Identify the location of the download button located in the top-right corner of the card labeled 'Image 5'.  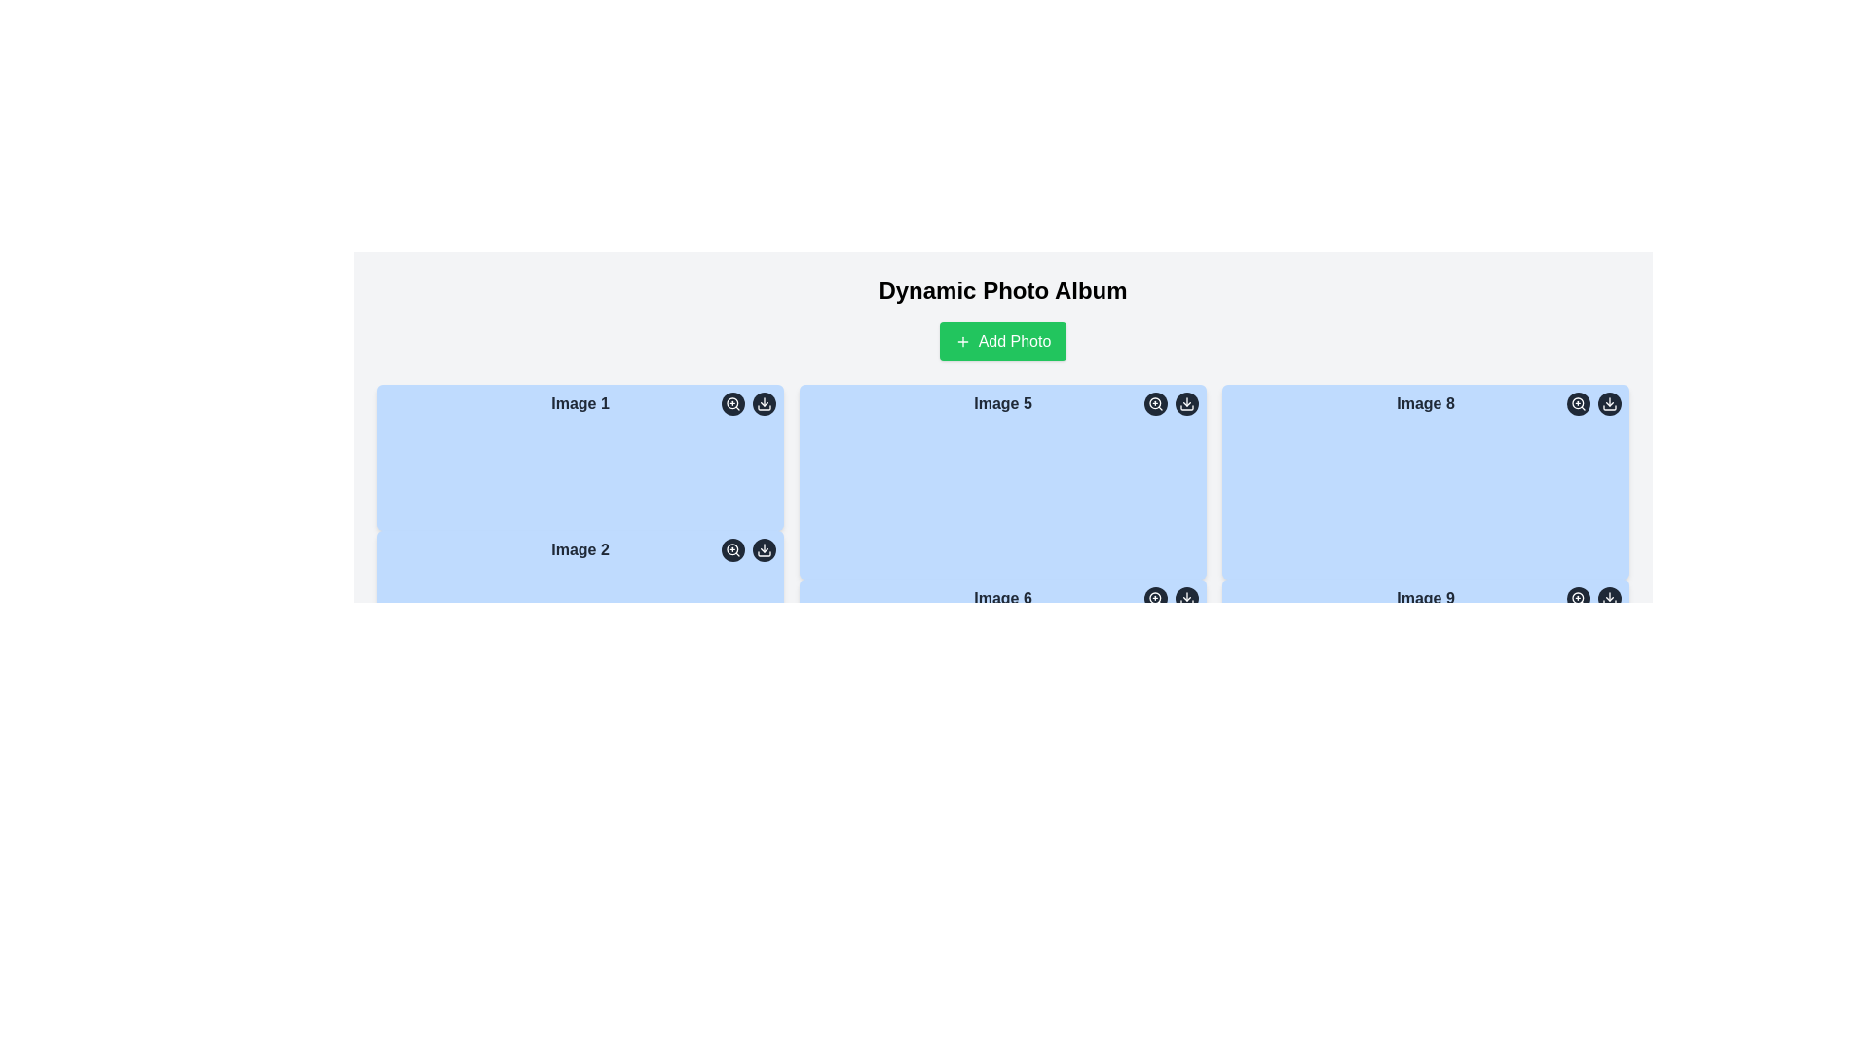
(1186, 403).